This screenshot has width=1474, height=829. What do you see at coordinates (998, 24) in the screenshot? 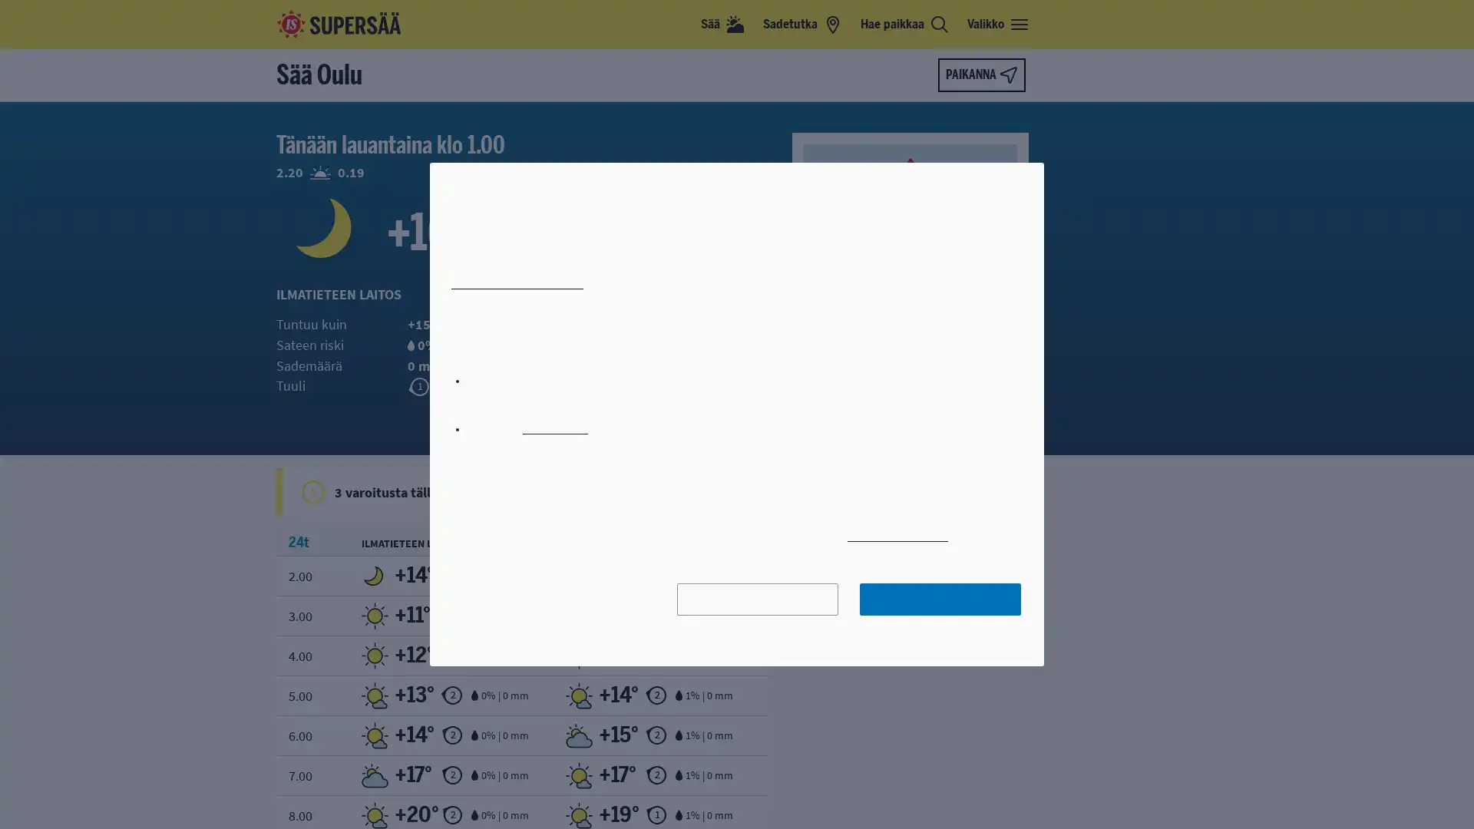
I see `Valikko` at bounding box center [998, 24].